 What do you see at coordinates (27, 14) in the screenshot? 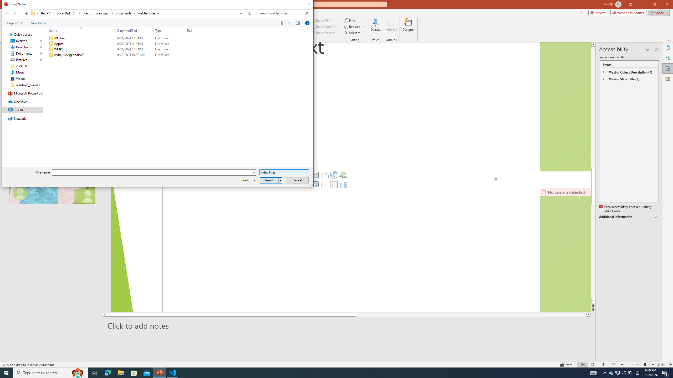
I see `'Up band toolbar'` at bounding box center [27, 14].